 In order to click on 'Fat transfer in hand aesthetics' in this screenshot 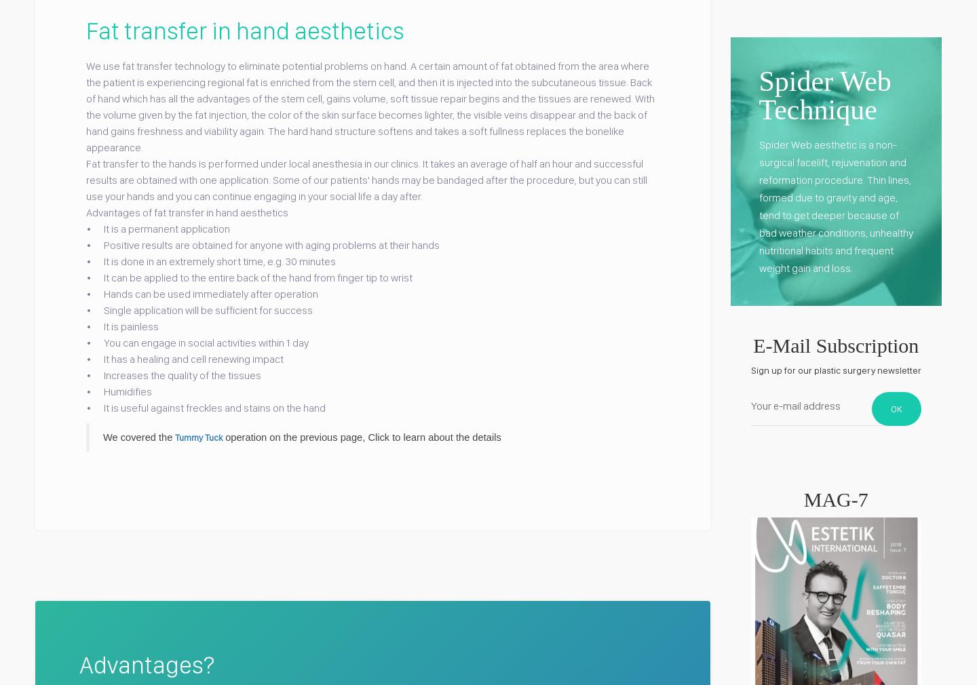, I will do `click(85, 30)`.